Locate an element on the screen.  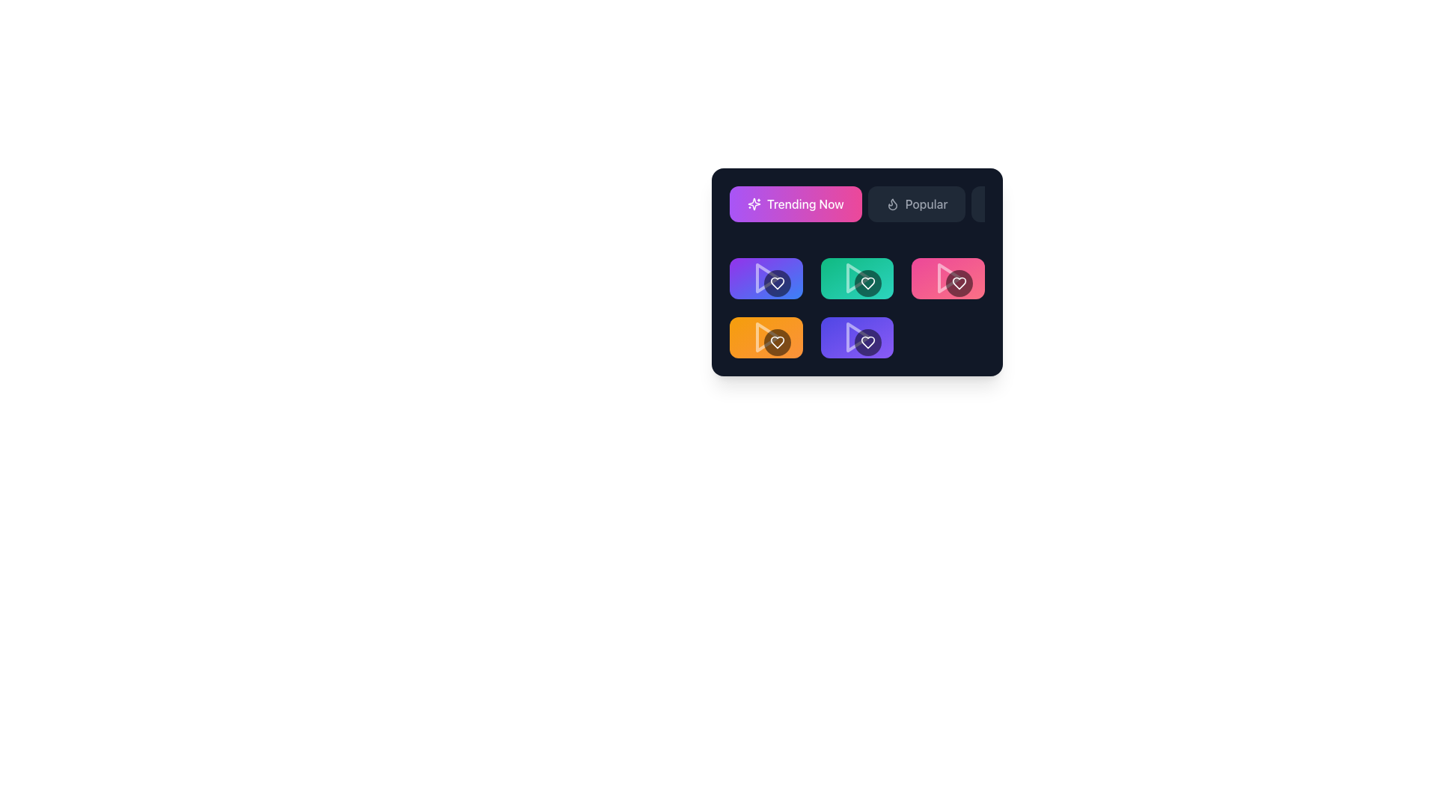
the third content tile in the second row of a grid layout to initiate interaction is located at coordinates (766, 337).